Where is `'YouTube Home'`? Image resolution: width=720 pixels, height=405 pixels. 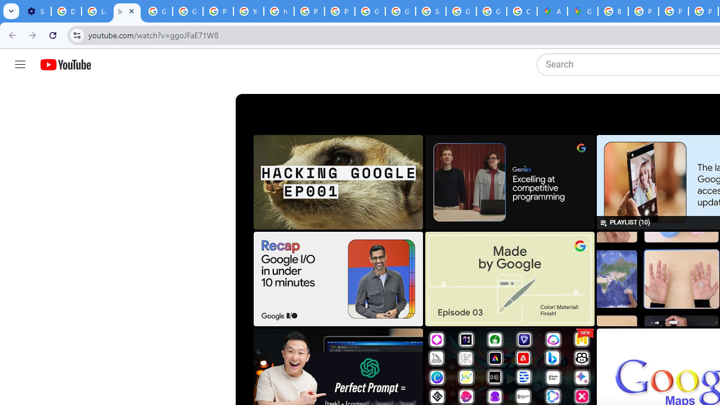
'YouTube Home' is located at coordinates (65, 65).